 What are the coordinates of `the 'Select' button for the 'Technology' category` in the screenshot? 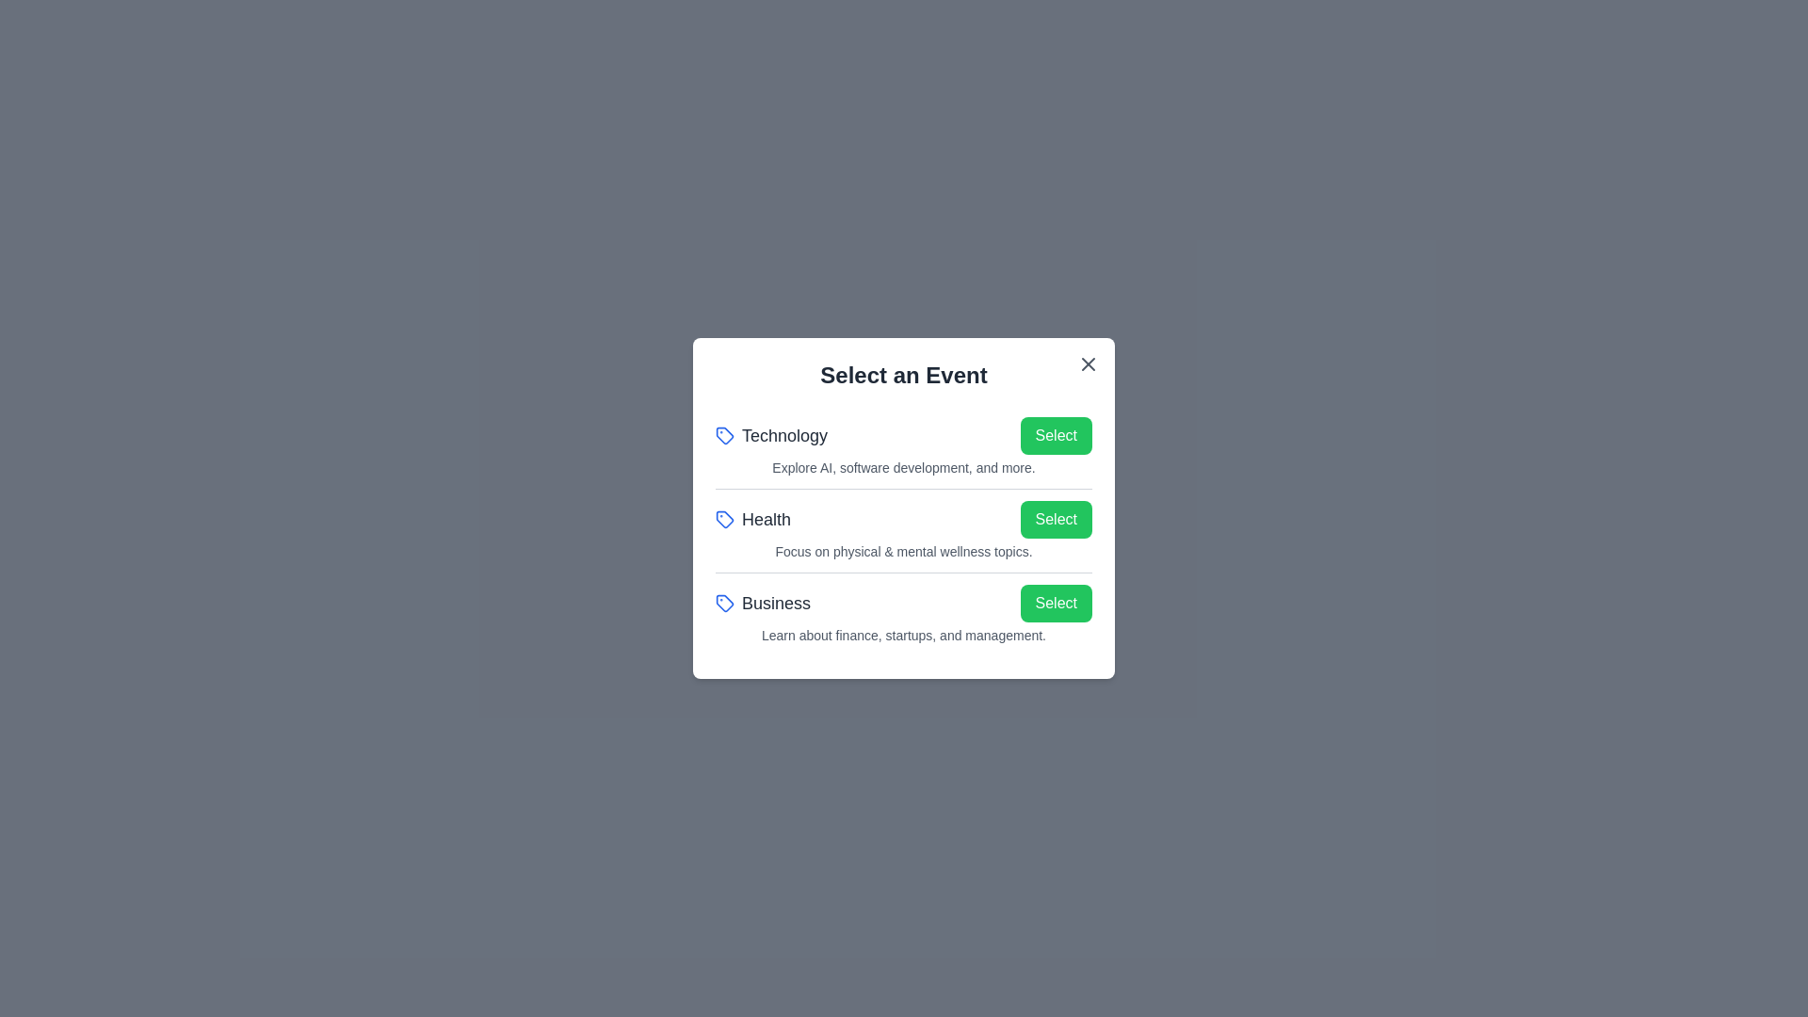 It's located at (1056, 435).